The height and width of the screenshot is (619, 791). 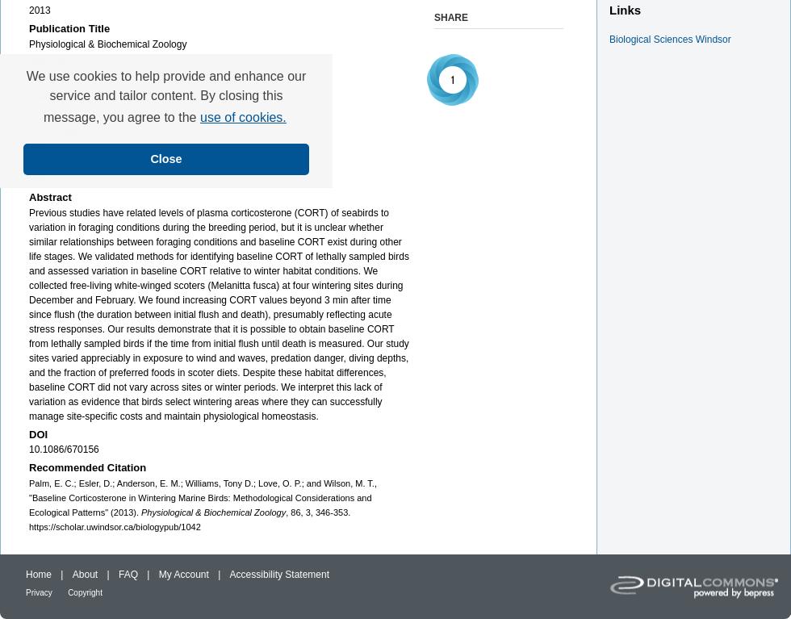 What do you see at coordinates (69, 27) in the screenshot?
I see `'Publication Title'` at bounding box center [69, 27].